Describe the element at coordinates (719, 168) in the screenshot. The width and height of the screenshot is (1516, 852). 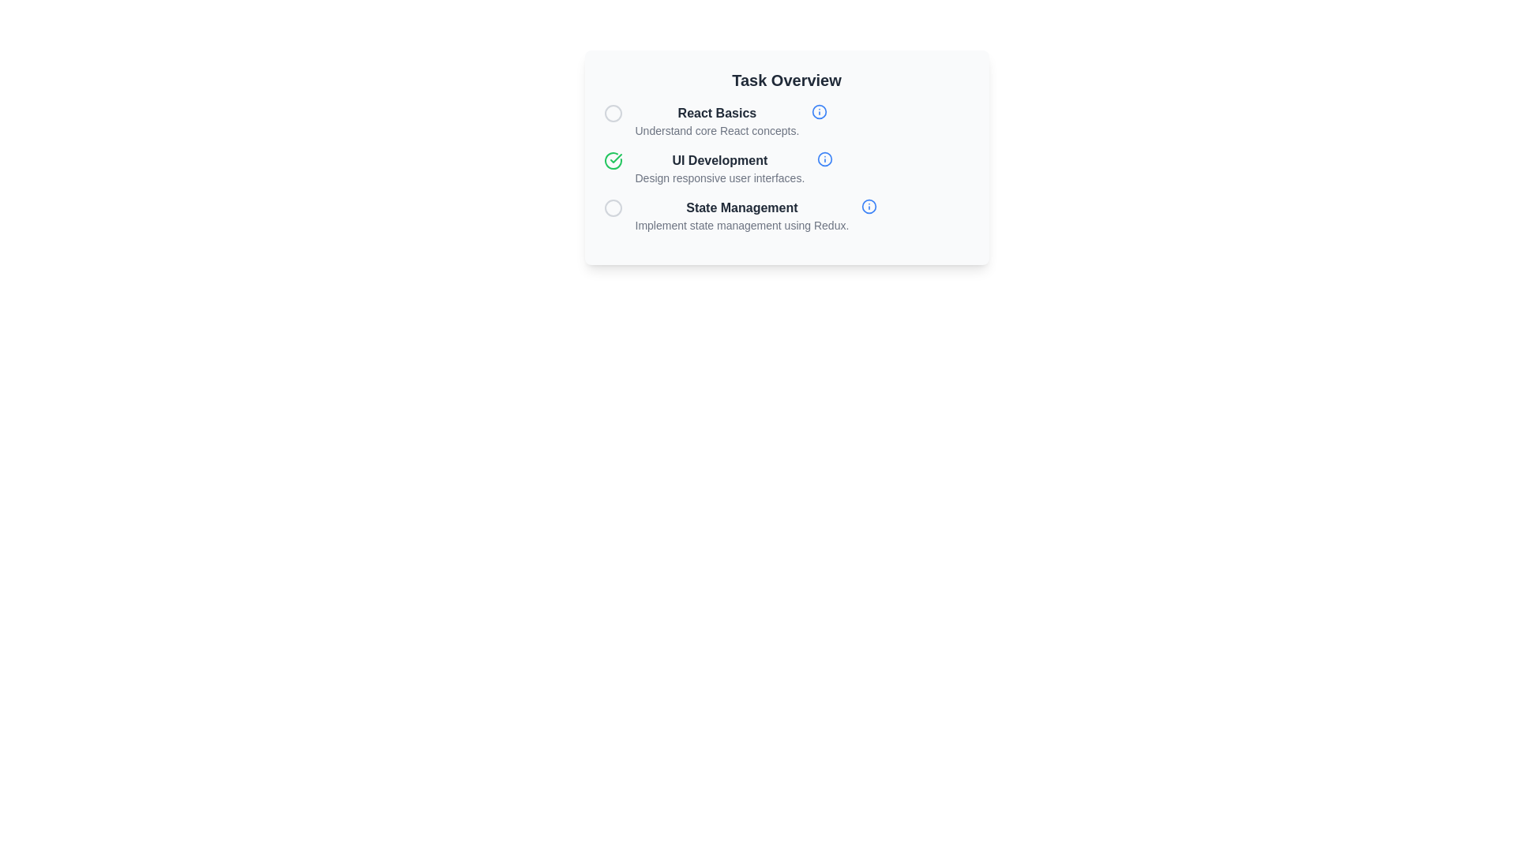
I see `the text block displaying 'UI Development' which is positioned between 'React Basics' and 'State Management' in the task list interface` at that location.